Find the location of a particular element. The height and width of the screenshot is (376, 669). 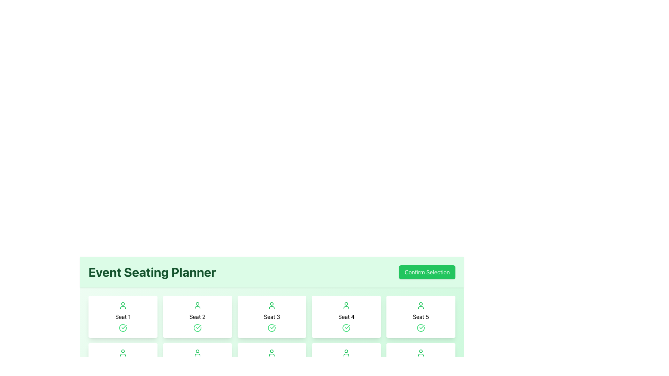

the circular green-bordered icon representing a checkmark within the 'Seat 2' module in the UI is located at coordinates (123, 328).